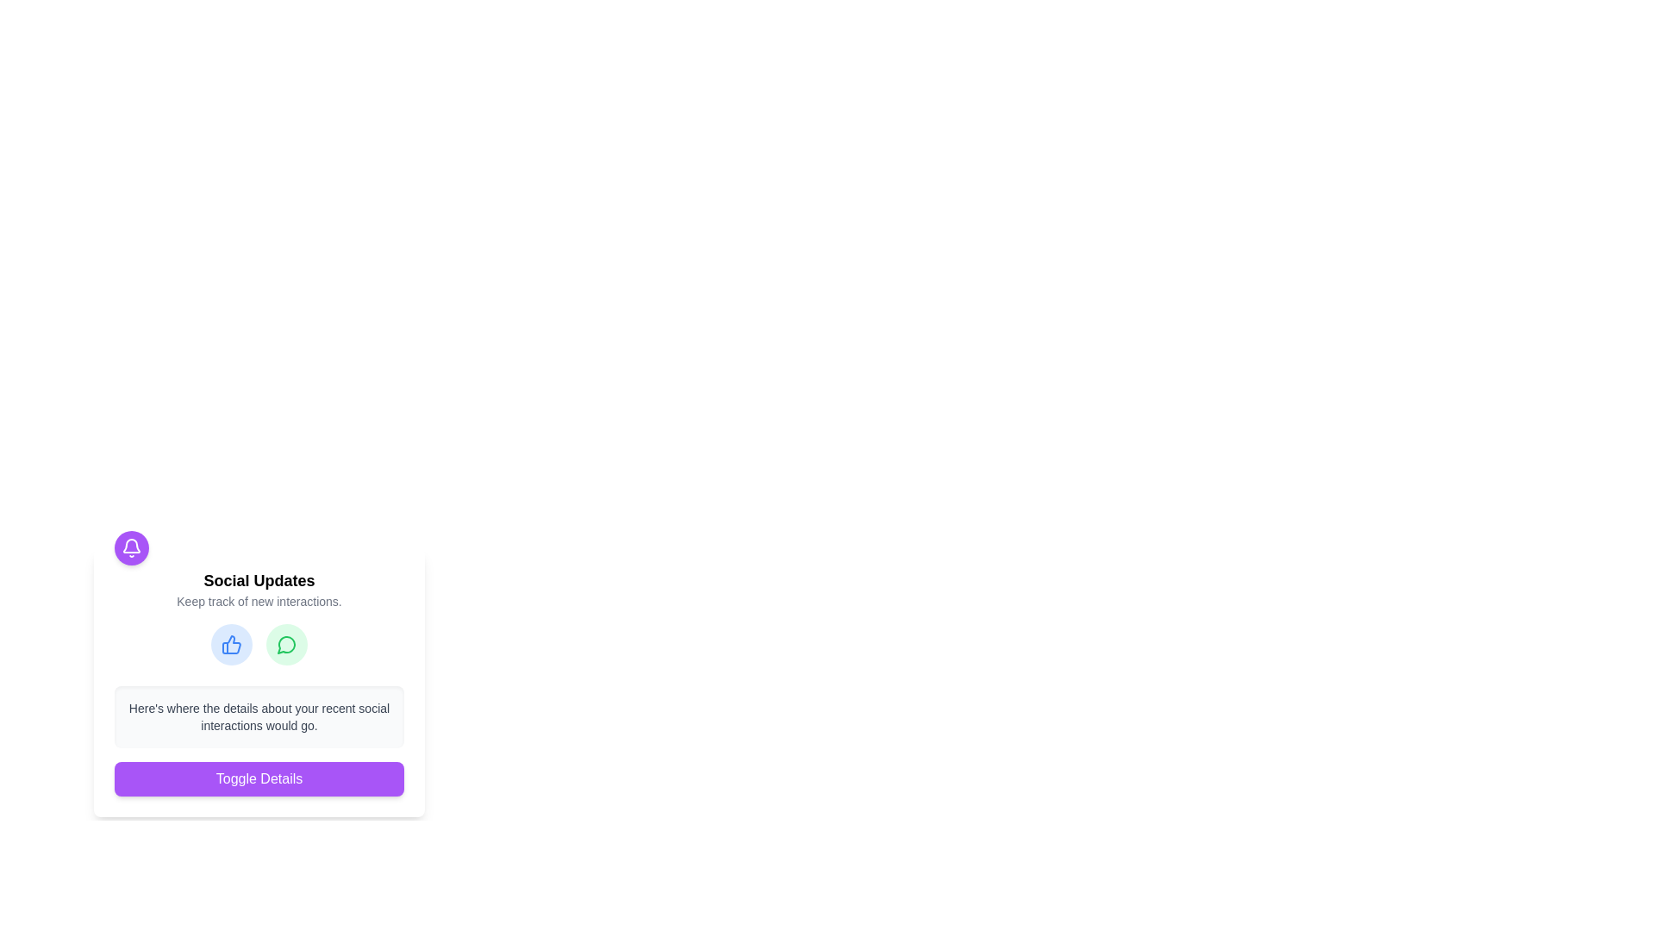 This screenshot has height=931, width=1655. What do you see at coordinates (286, 645) in the screenshot?
I see `the green circular icon resembling a speech bubble located in the middle portion of the 'Social Updates' card for interaction` at bounding box center [286, 645].